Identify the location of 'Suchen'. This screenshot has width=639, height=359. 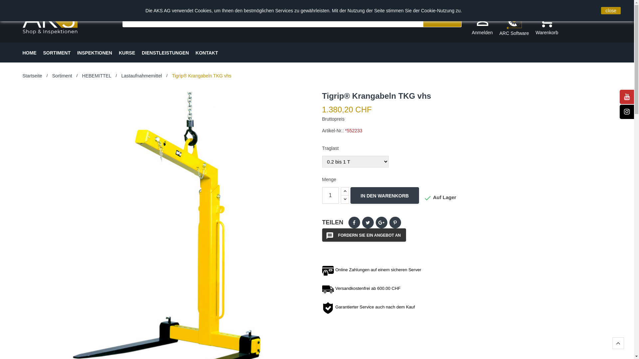
(442, 19).